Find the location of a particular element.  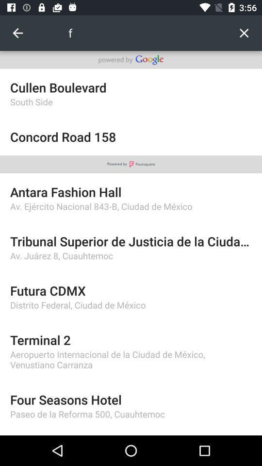

concord road 158 icon is located at coordinates (131, 136).